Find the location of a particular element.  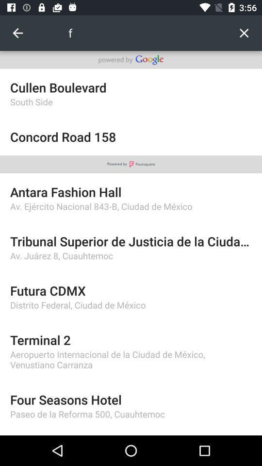

concord road 158 icon is located at coordinates (131, 136).